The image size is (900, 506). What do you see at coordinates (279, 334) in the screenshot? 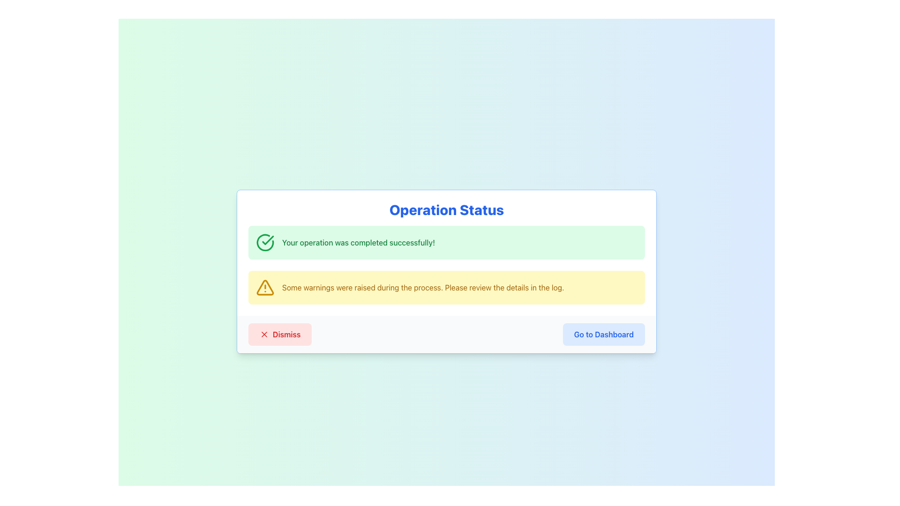
I see `the leftmost button in the horizontal bar of the notification panel to activate hover effects` at bounding box center [279, 334].